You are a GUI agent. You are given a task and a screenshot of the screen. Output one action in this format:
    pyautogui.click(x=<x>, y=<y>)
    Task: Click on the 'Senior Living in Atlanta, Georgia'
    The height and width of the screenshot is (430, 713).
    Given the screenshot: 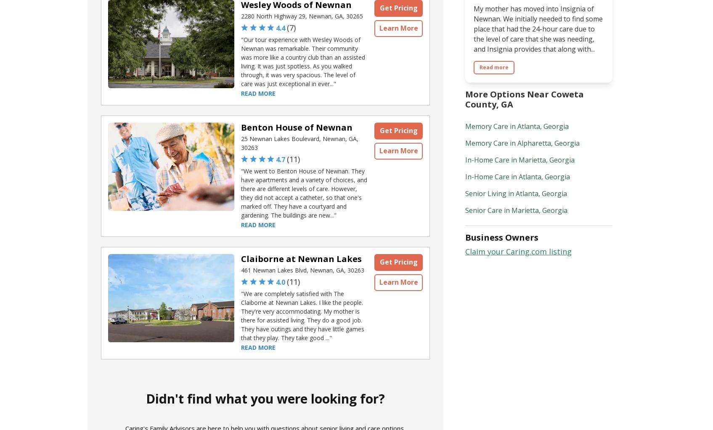 What is the action you would take?
    pyautogui.click(x=516, y=193)
    